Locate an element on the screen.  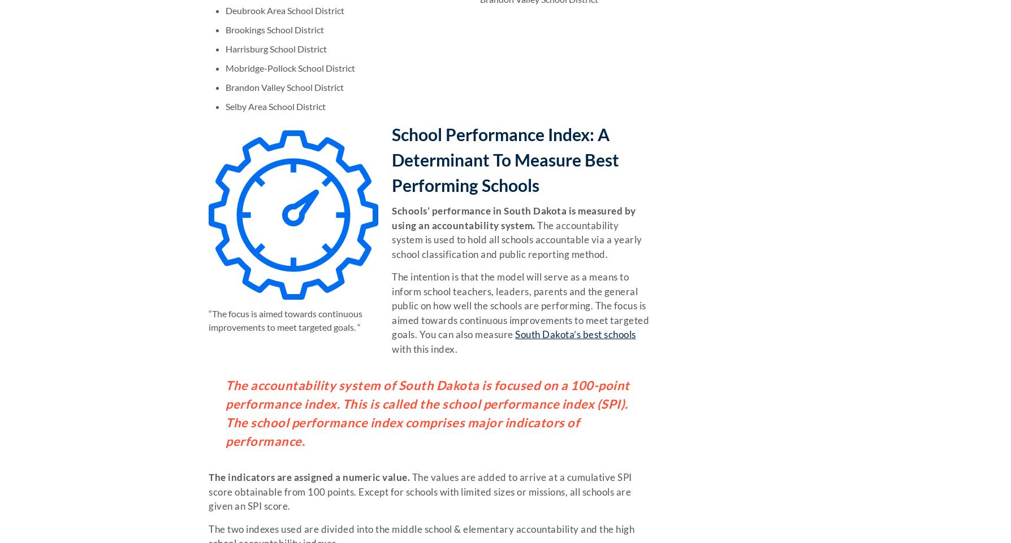
'Harrisburg School District' is located at coordinates (276, 49).